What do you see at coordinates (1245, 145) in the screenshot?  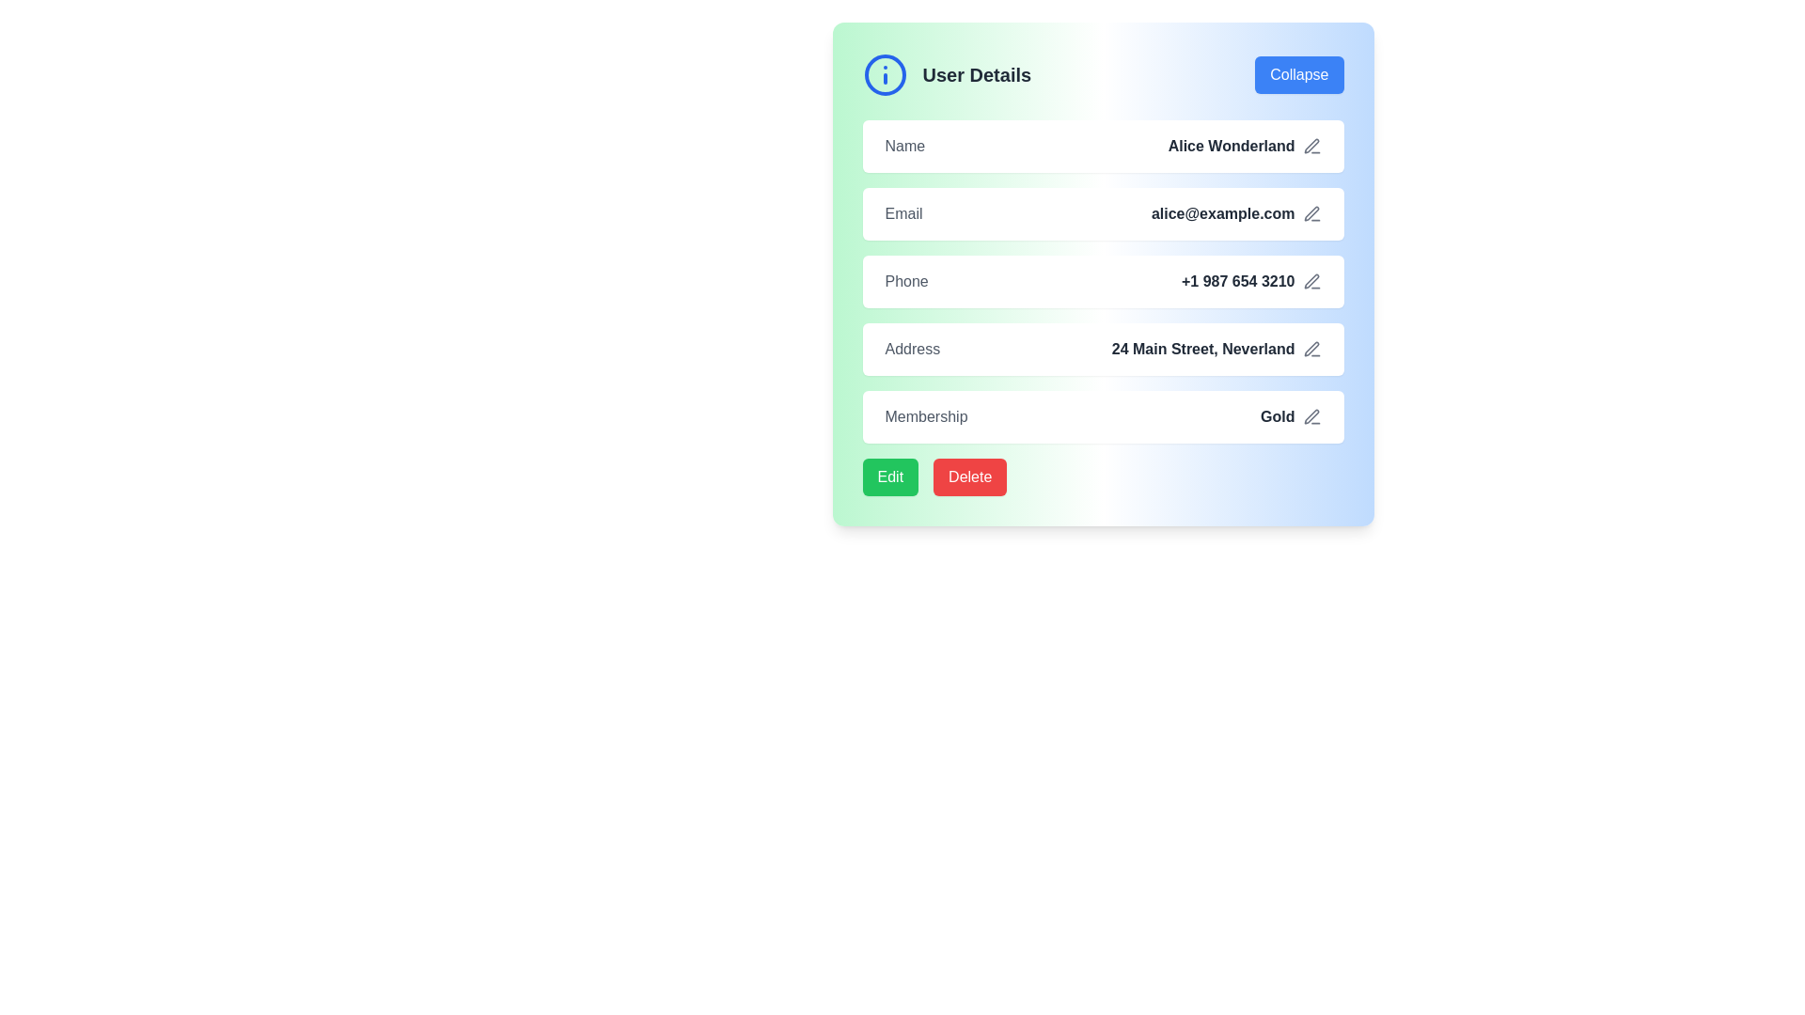 I see `the text label 'Alice Wonderland' styled in bold dark gray color, located next to the 'Name' label in the user details section` at bounding box center [1245, 145].